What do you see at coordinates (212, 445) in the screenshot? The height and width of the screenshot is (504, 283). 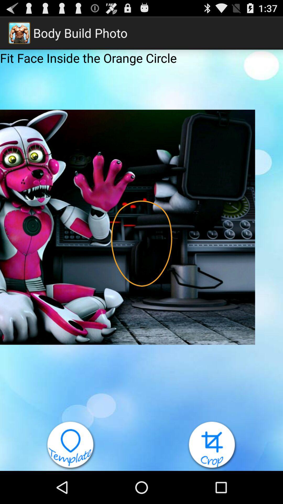 I see `crop photo` at bounding box center [212, 445].